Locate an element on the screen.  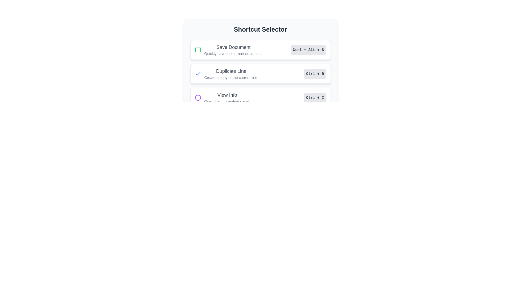
text content of the label indicating the action of duplicating the currently selected line, located in the middle panel below 'Save Document' and above 'View Info' is located at coordinates (231, 74).